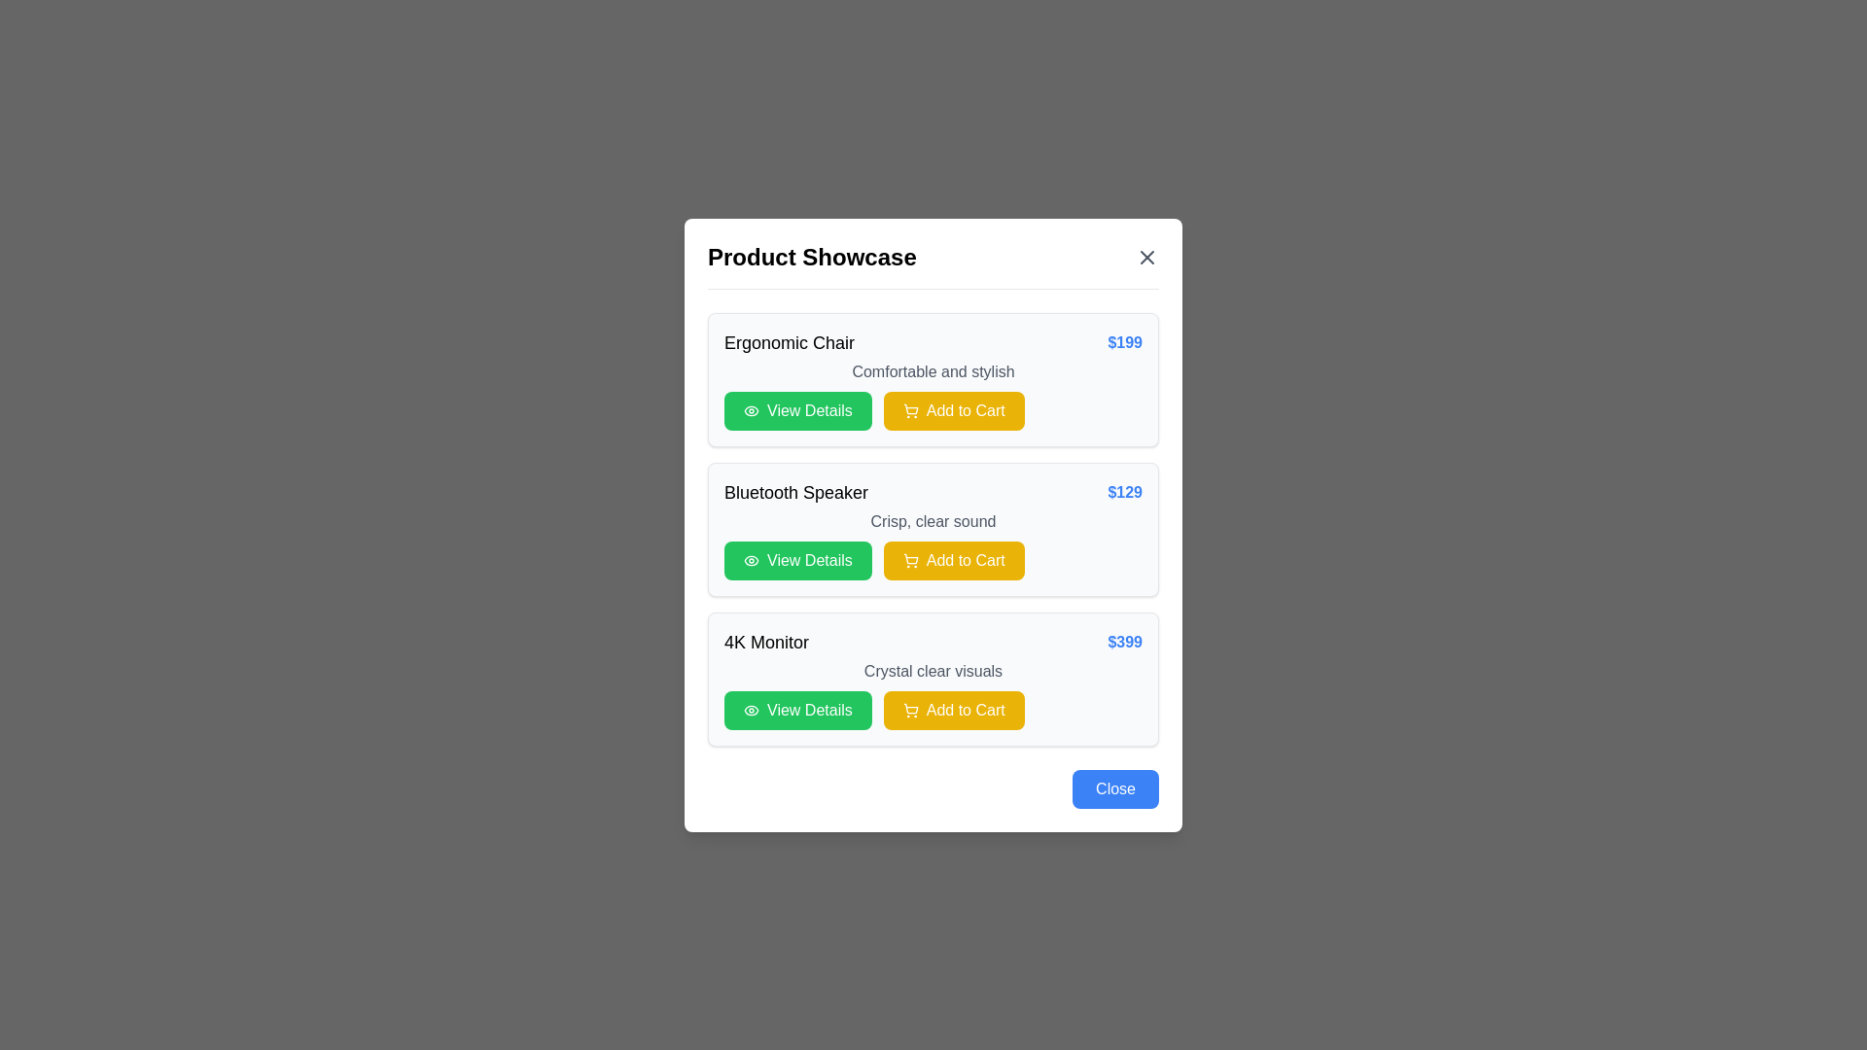 The width and height of the screenshot is (1867, 1050). What do you see at coordinates (933, 670) in the screenshot?
I see `the text label that provides a descriptive tagline or feature summary for the '4K Monitor' product, located below the price and above the buttons 'View Details' and 'Add to Cart'` at bounding box center [933, 670].